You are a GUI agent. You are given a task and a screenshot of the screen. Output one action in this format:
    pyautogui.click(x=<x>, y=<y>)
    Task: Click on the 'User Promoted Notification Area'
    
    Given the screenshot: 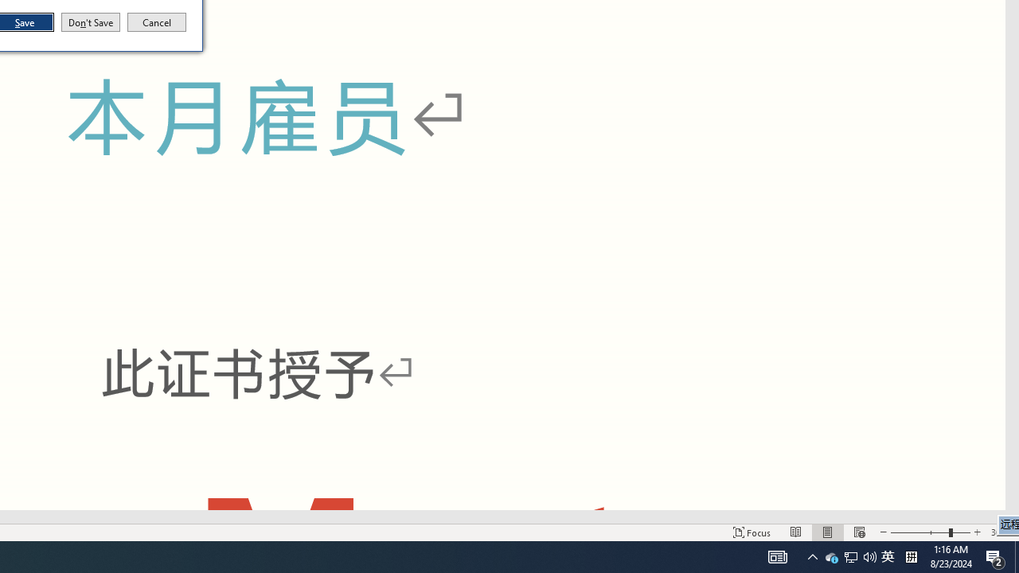 What is the action you would take?
    pyautogui.click(x=849, y=555)
    